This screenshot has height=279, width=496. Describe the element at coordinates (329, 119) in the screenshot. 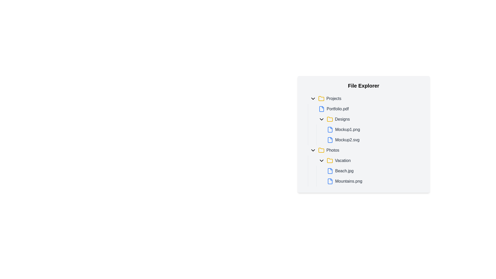

I see `the yellow folder icon representing the 'Designs' subfolder under the 'Projects' main folder` at that location.